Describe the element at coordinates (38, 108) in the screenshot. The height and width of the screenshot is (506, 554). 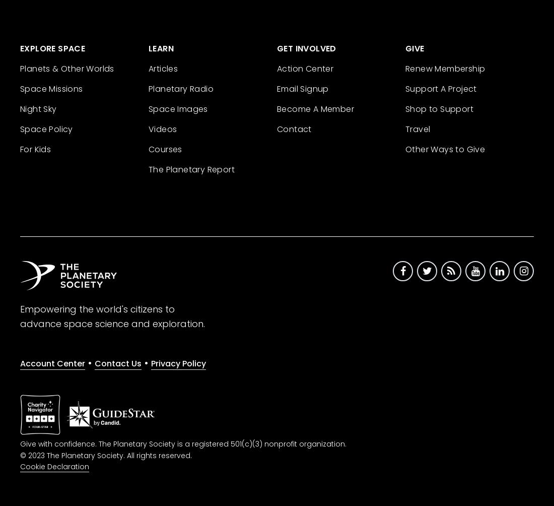
I see `'Night Sky'` at that location.